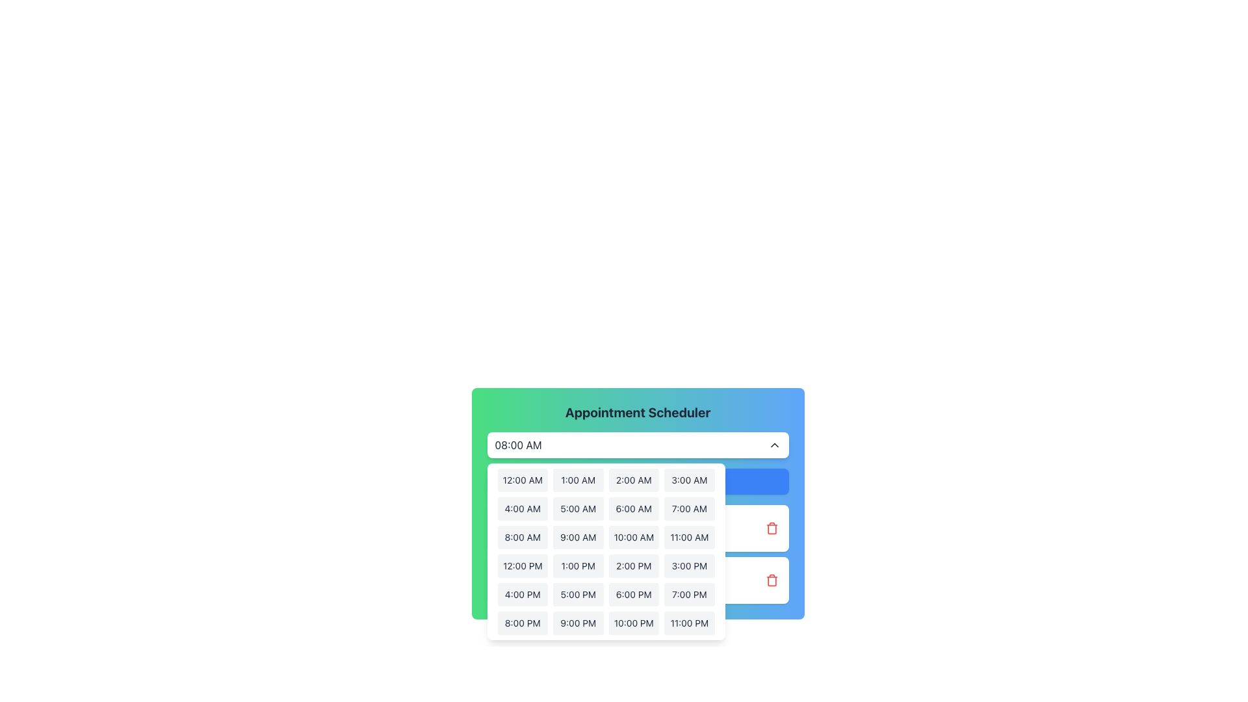  What do you see at coordinates (638, 496) in the screenshot?
I see `the time selection option for '2:00 AM' located in the Appointment Scheduler interface, which is the third item in the first row of time options below the '08:00 AM' dropdown` at bounding box center [638, 496].